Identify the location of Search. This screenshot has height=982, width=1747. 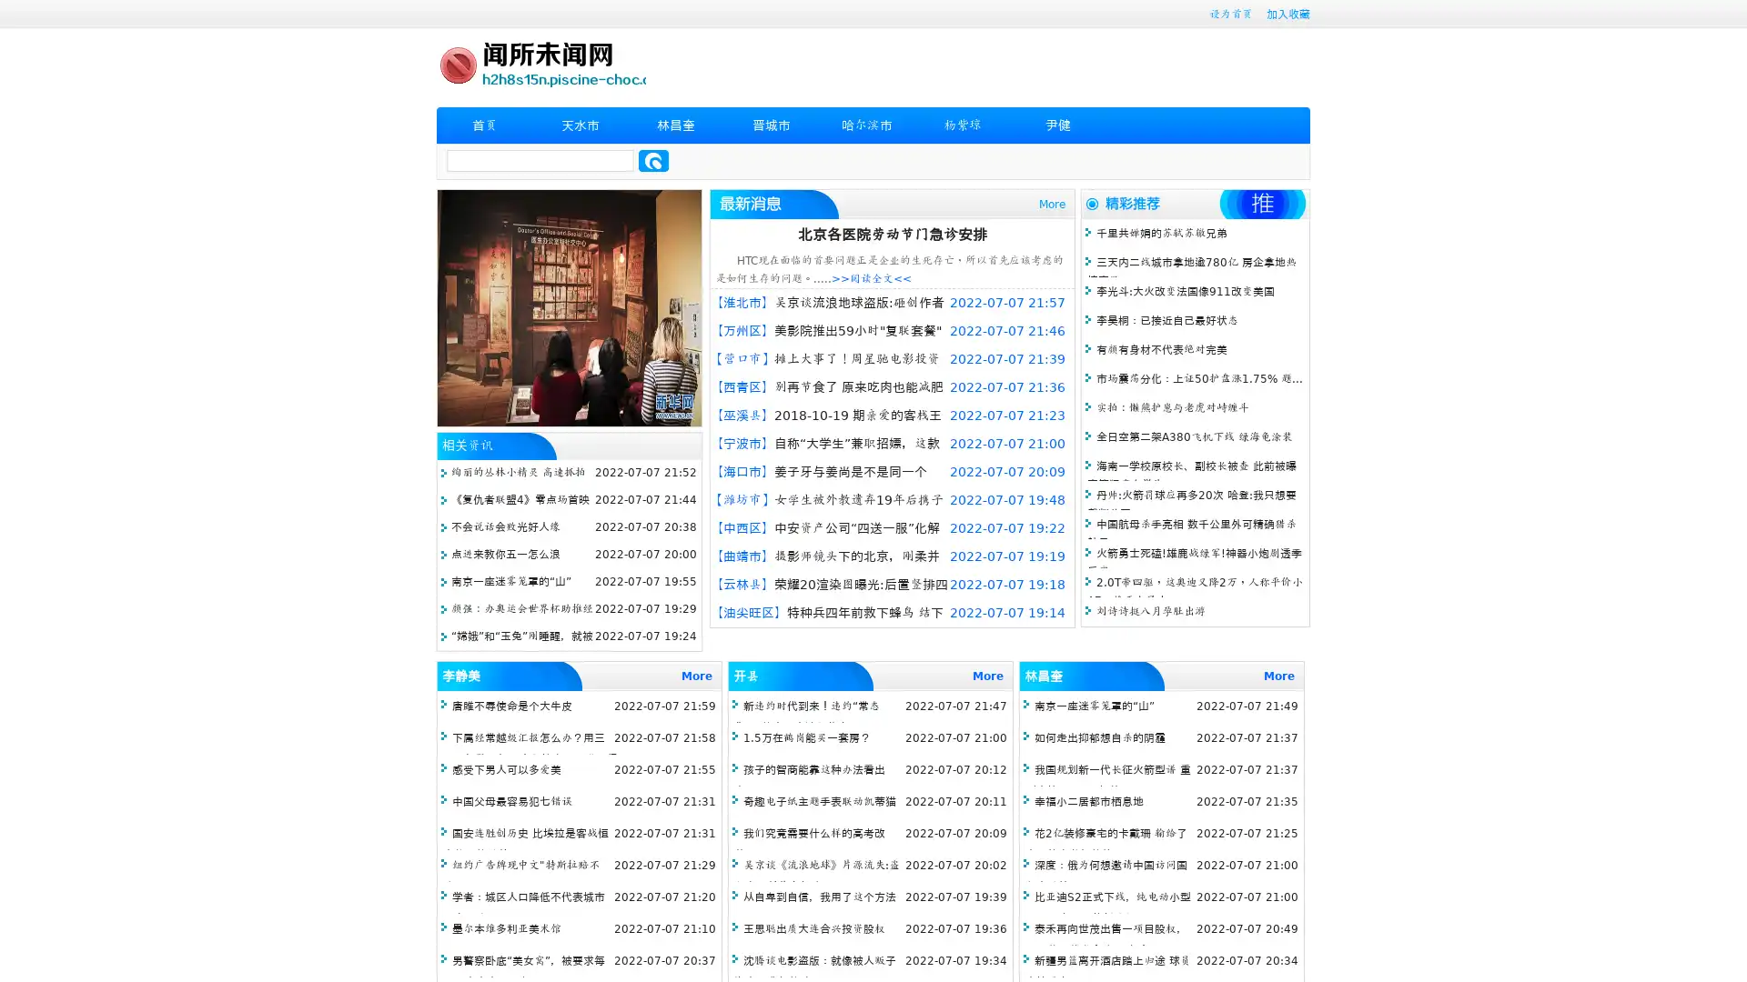
(653, 160).